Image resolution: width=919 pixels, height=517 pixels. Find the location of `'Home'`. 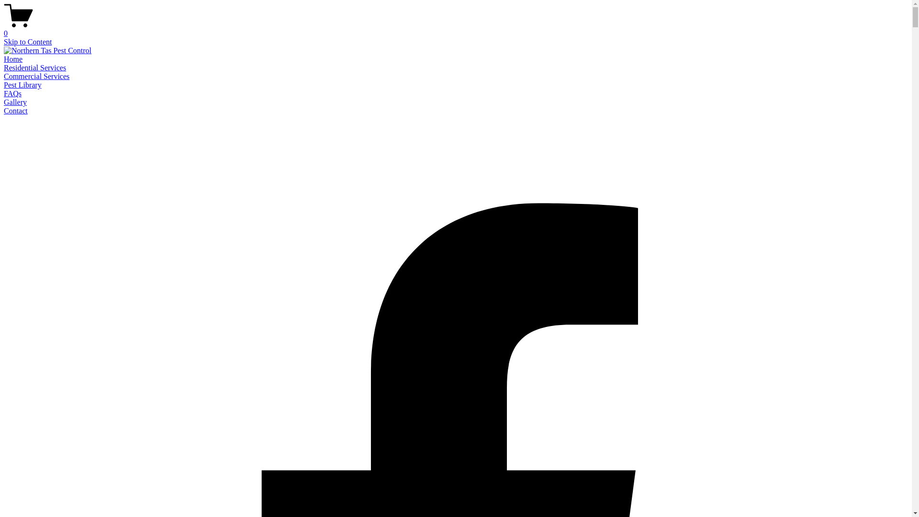

'Home' is located at coordinates (13, 59).